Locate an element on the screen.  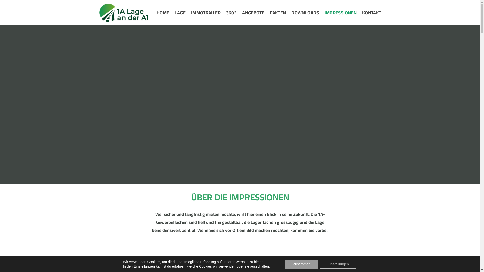
'DOWNLOADS' is located at coordinates (305, 12).